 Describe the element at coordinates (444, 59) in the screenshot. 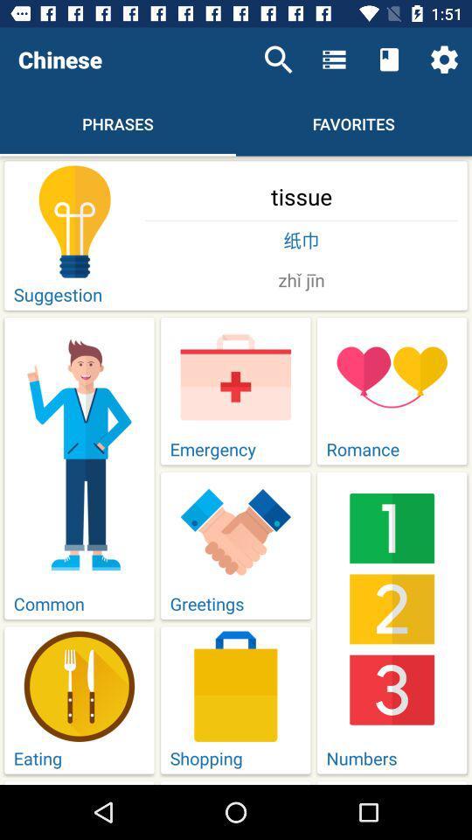

I see `icon above the tissue` at that location.